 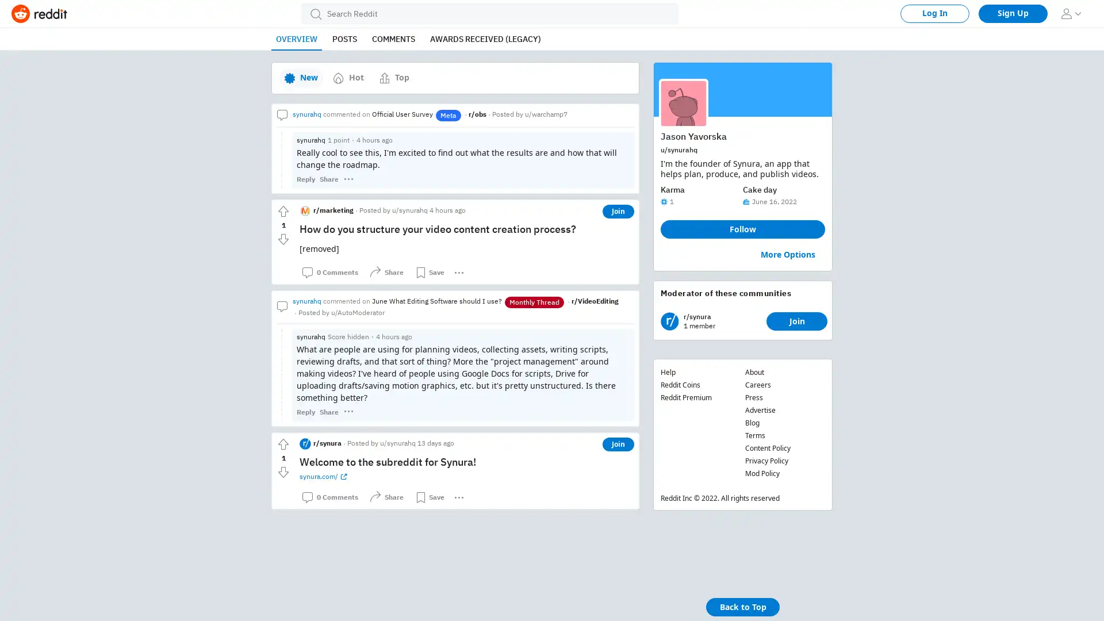 What do you see at coordinates (1013, 13) in the screenshot?
I see `Sign Up` at bounding box center [1013, 13].